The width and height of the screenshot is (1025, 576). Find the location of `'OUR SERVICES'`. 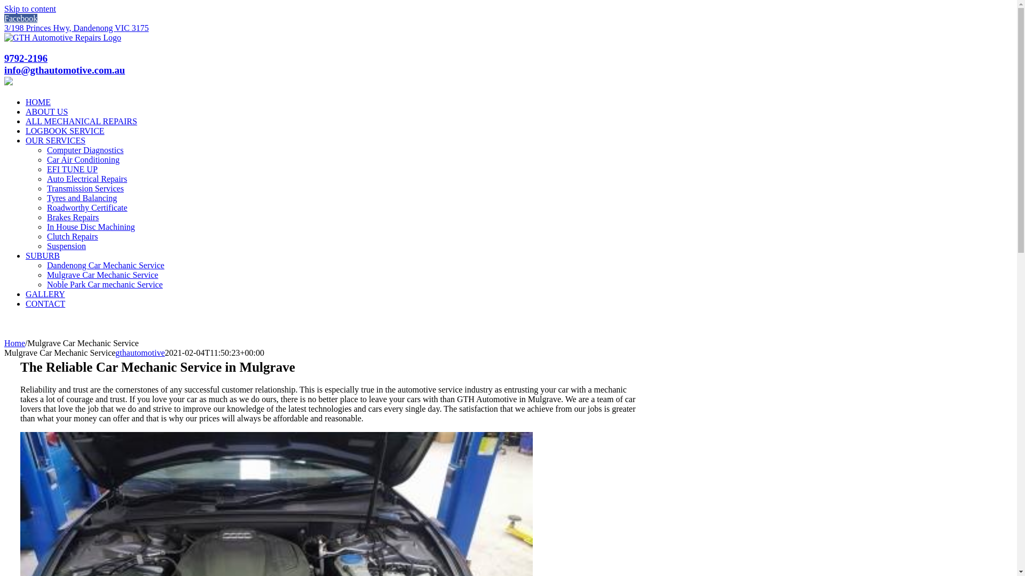

'OUR SERVICES' is located at coordinates (55, 140).